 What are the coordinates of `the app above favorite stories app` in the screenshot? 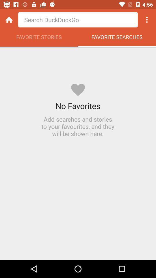 It's located at (78, 20).